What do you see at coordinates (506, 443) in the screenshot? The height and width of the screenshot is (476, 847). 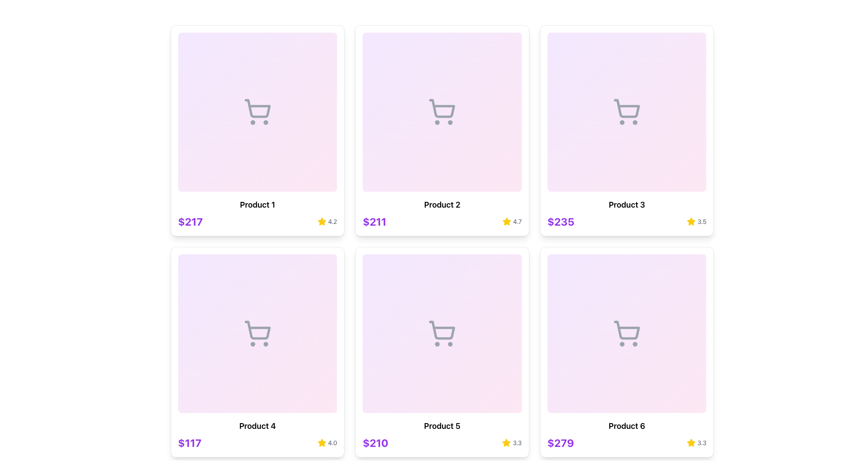 I see `the interactive small yellow star icon located in the bottom-right corner of the 'Product 5' card, adjacent to the rating value of '3.3'` at bounding box center [506, 443].